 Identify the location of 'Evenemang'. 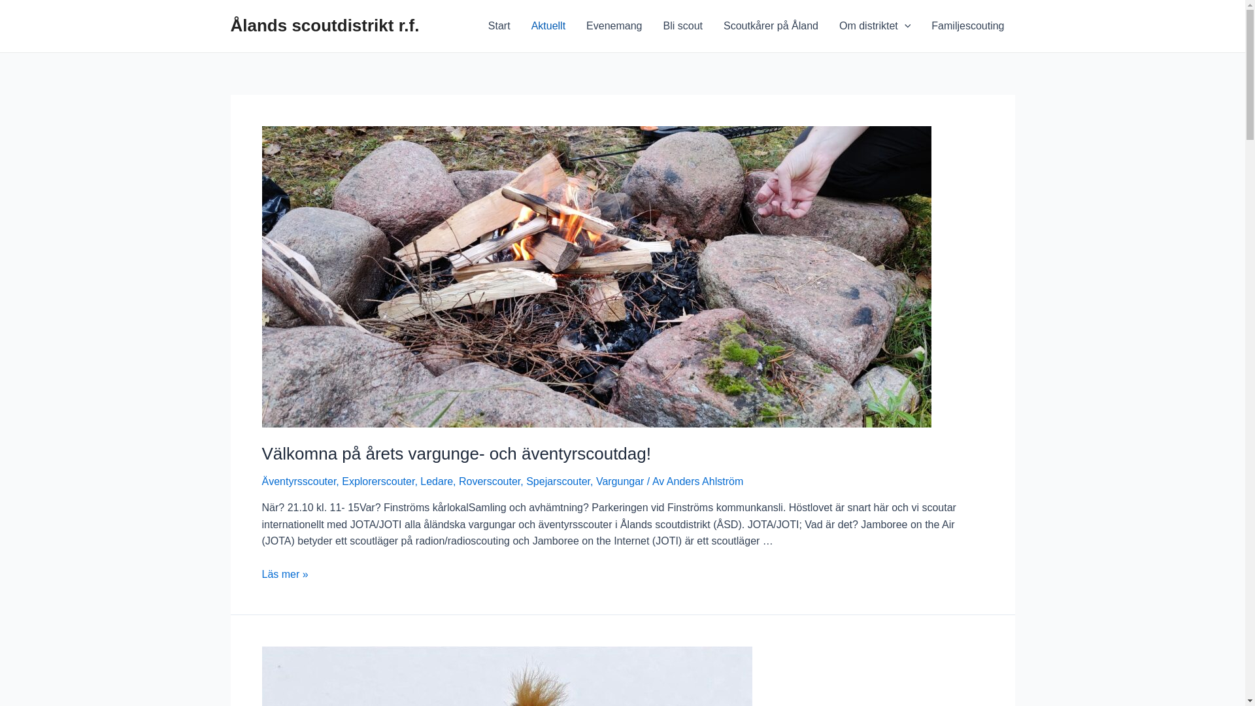
(613, 25).